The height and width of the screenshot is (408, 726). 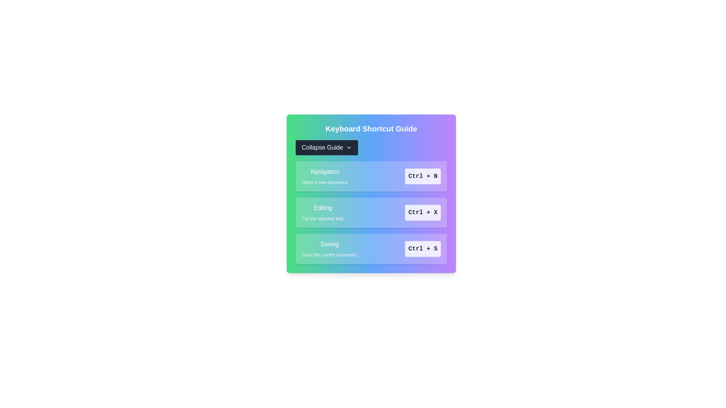 What do you see at coordinates (325, 176) in the screenshot?
I see `the informational text label that describes the 'Ctrl + N' keyboard shortcut for opening a new document, located at the top section of the gradient panel` at bounding box center [325, 176].